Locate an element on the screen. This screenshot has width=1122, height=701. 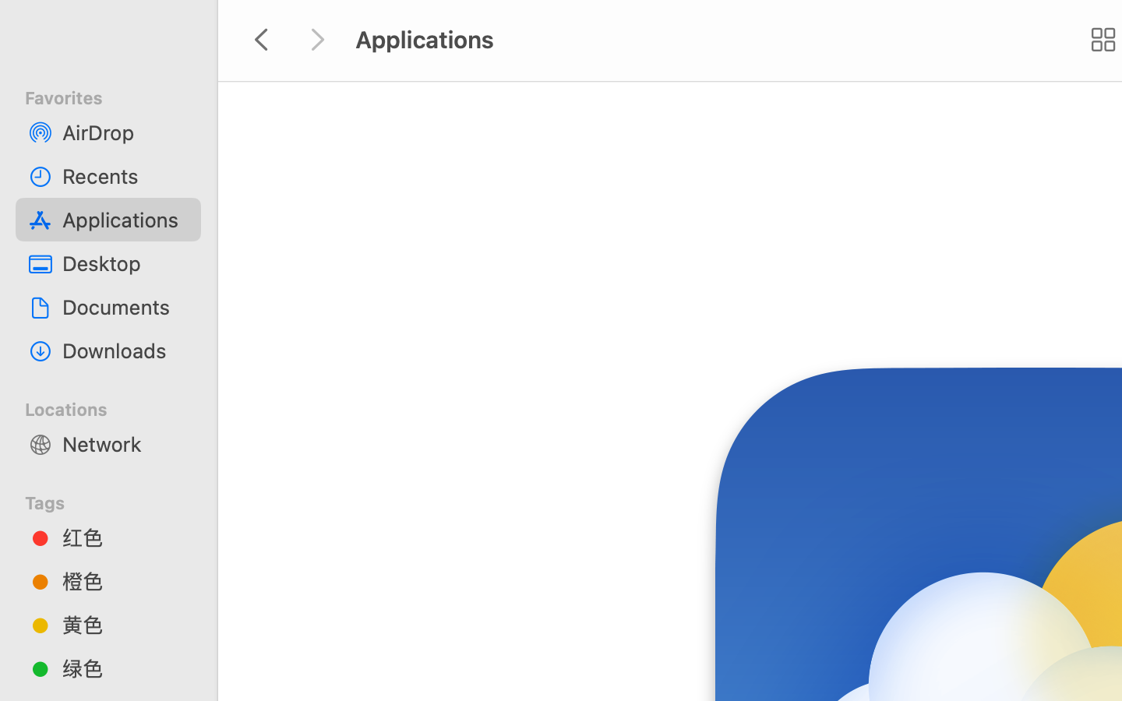
'AirDrop' is located at coordinates (124, 132).